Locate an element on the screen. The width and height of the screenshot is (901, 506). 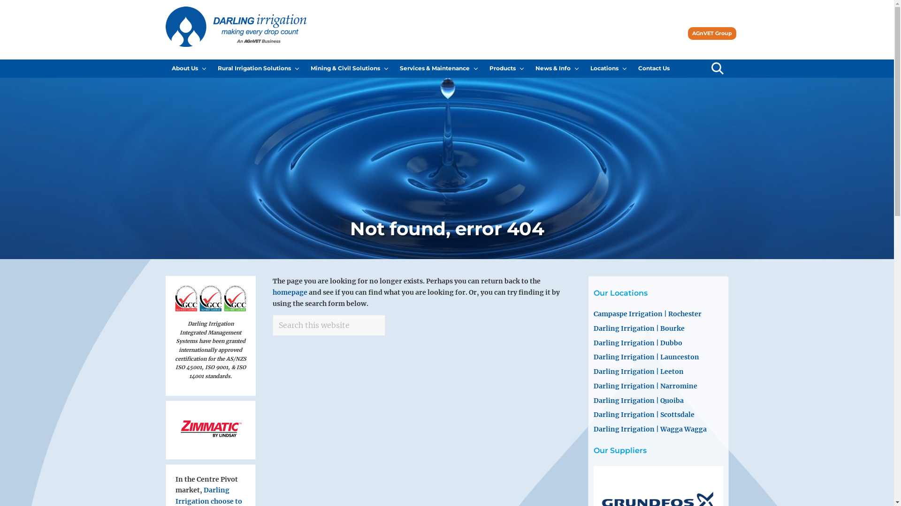
'Darling Irrigation | Leeton' is located at coordinates (638, 371).